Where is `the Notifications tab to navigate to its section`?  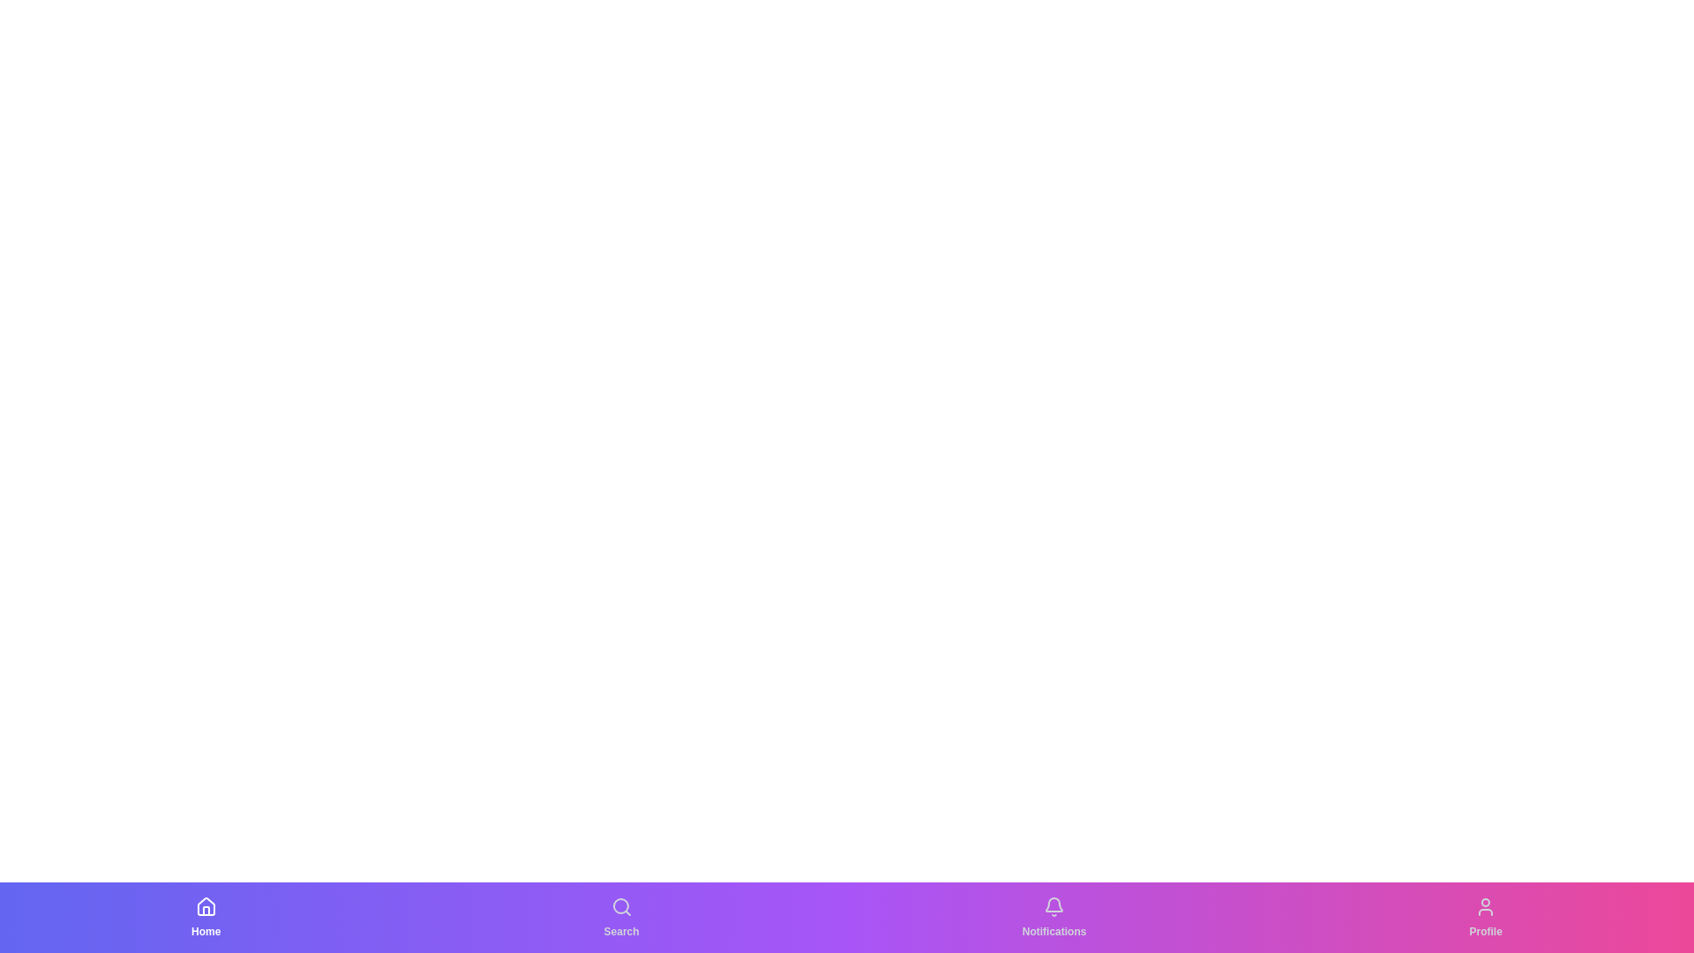
the Notifications tab to navigate to its section is located at coordinates (1054, 917).